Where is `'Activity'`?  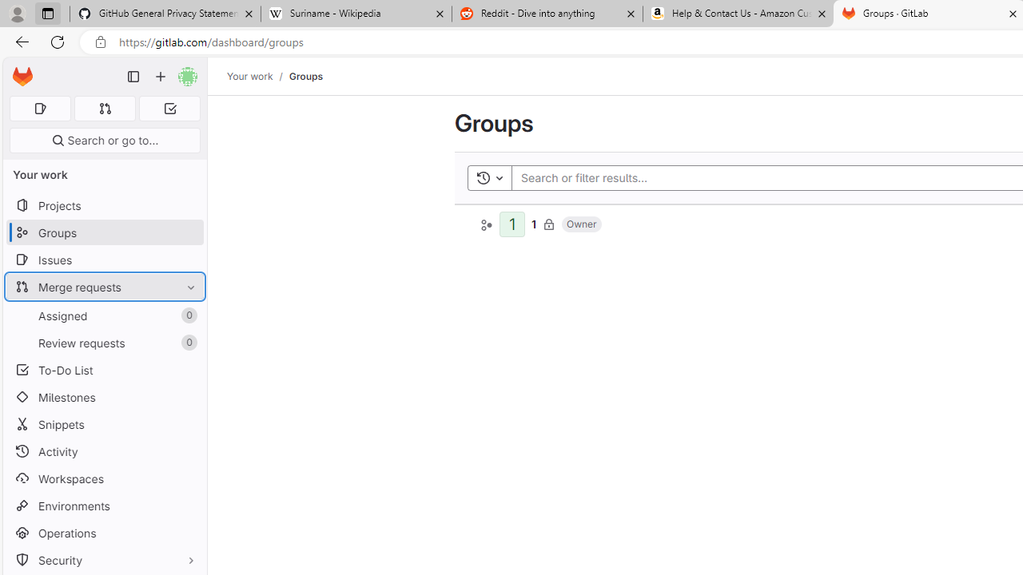 'Activity' is located at coordinates (104, 451).